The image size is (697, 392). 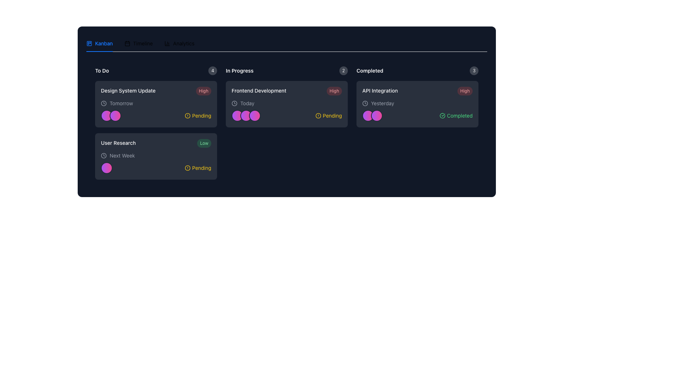 What do you see at coordinates (235, 103) in the screenshot?
I see `the icon located in the 'In Progress' section, next to the 'Today' label and above the 'Pending' status indicator` at bounding box center [235, 103].